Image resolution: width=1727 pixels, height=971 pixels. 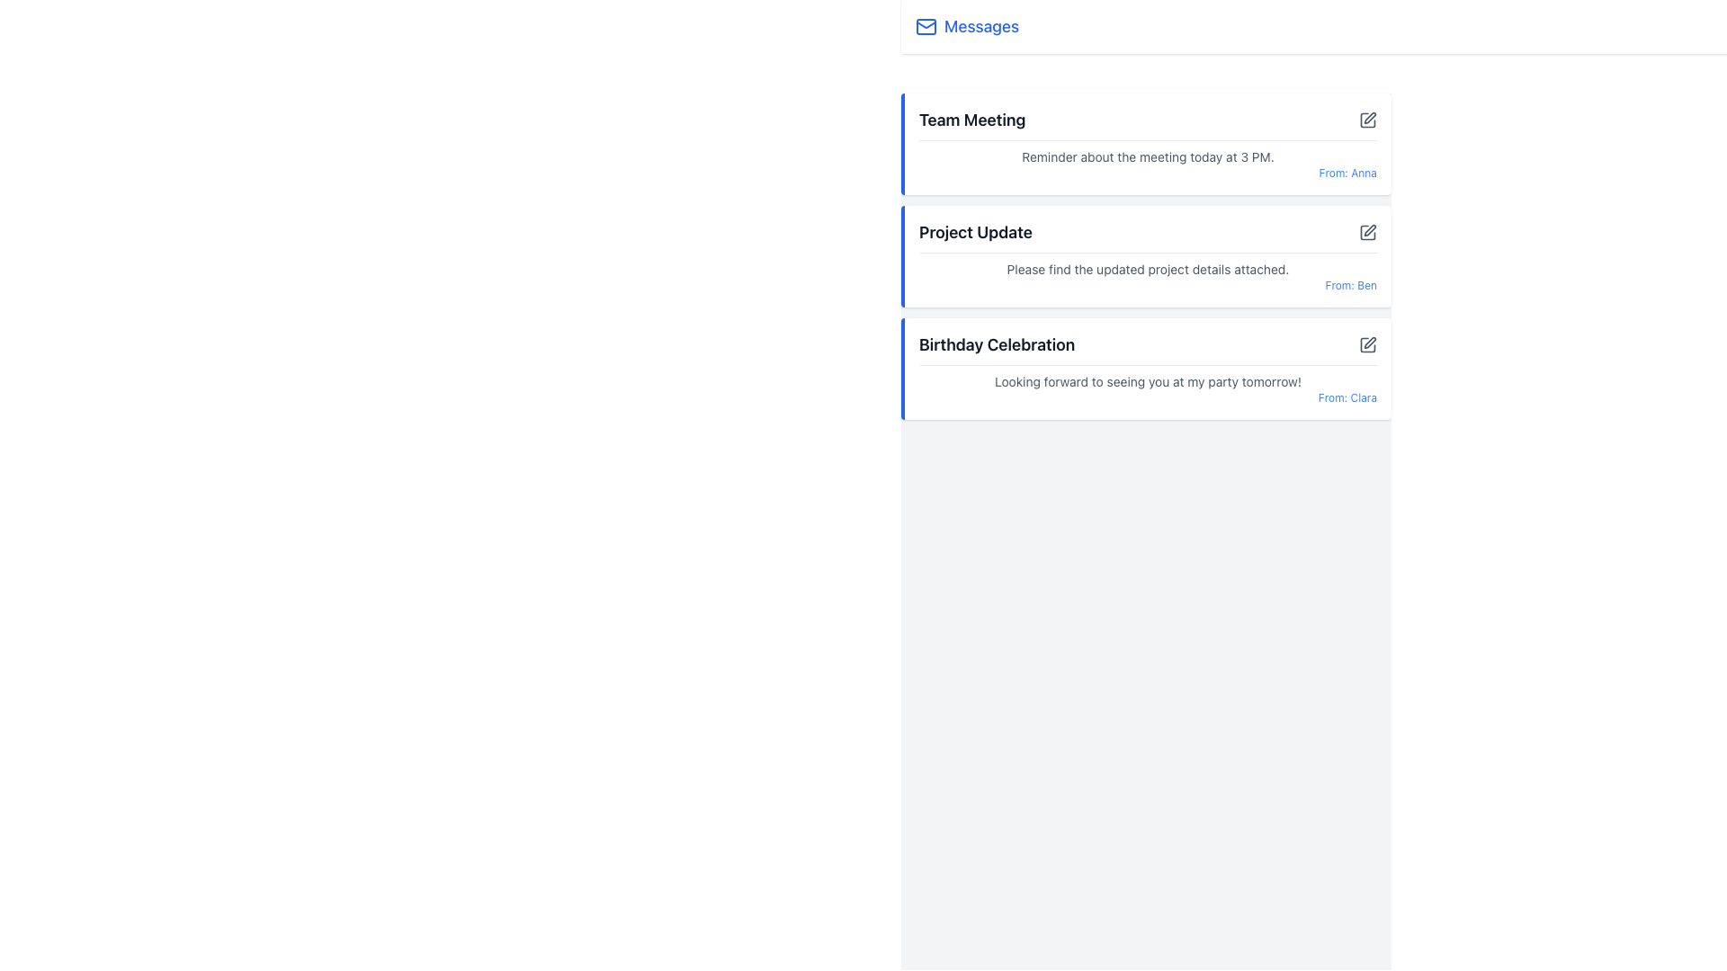 What do you see at coordinates (974, 231) in the screenshot?
I see `the text label displaying 'Project Update', which is bold and prominently positioned beneath 'Team Meeting' and above 'Birthday Celebration'` at bounding box center [974, 231].